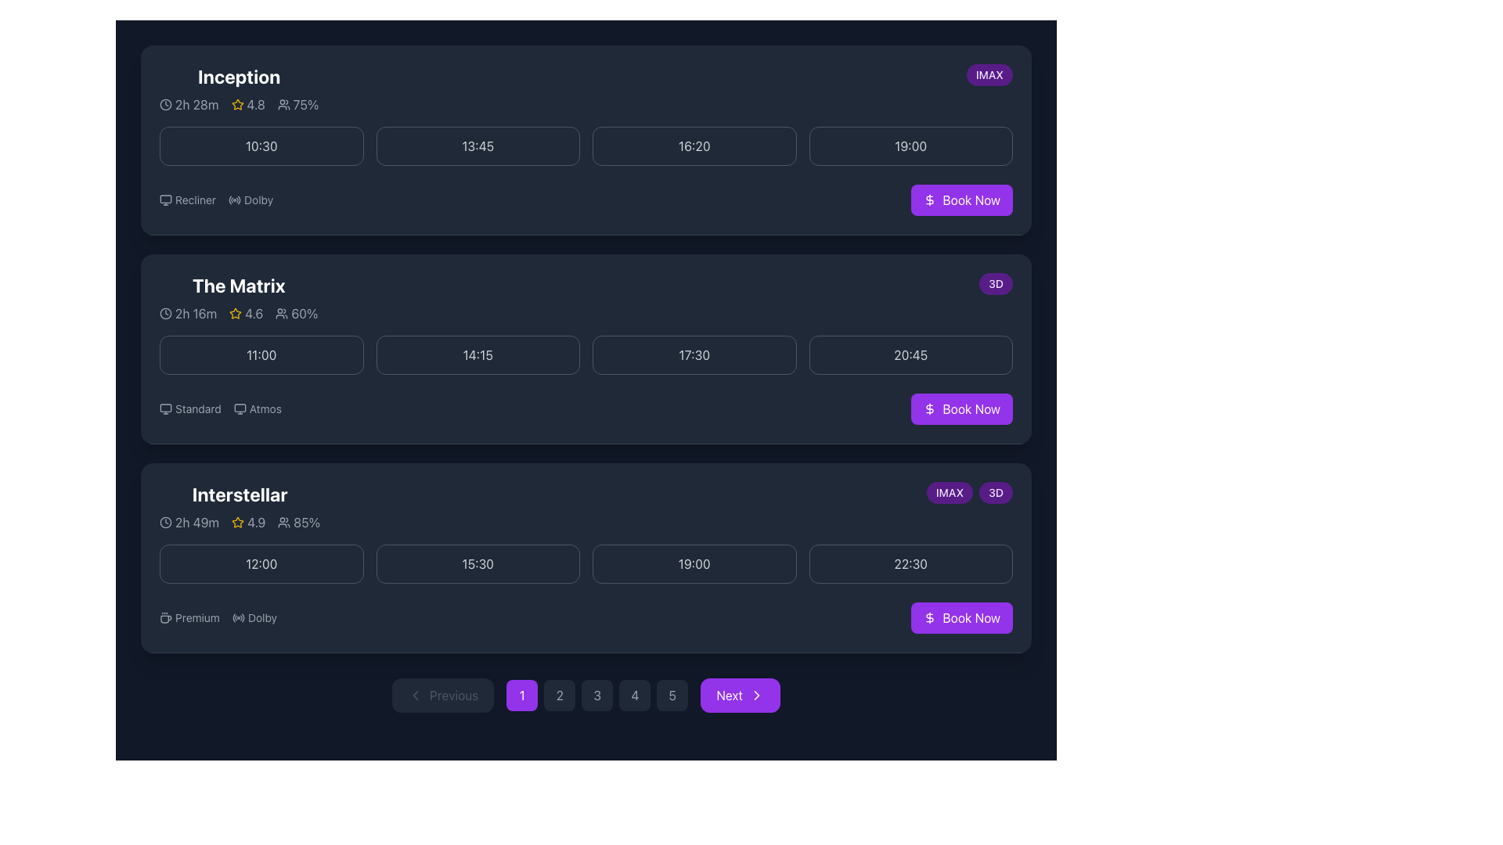 The image size is (1503, 845). Describe the element at coordinates (247, 522) in the screenshot. I see `the Rating display for the movie 'Interstellar', which features a yellow star icon and the text '4.9', located between the runtime and percentage rating` at that location.